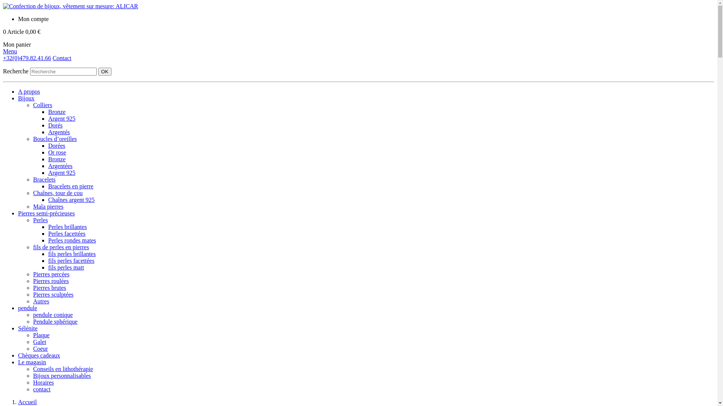  What do you see at coordinates (72, 254) in the screenshot?
I see `'fils perles brillantes'` at bounding box center [72, 254].